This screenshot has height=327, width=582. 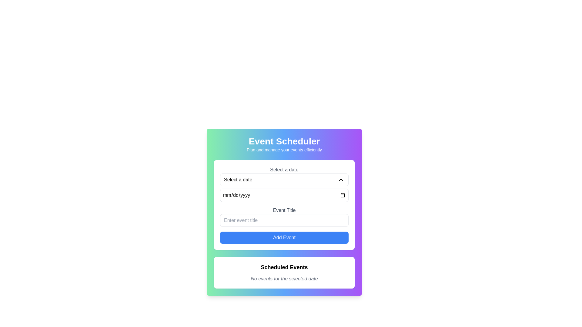 What do you see at coordinates (284, 279) in the screenshot?
I see `the static text notifying users that there are no scheduled events for the currently selected date, located directly below the 'Scheduled Events' heading in the 'Scheduled Events' section` at bounding box center [284, 279].